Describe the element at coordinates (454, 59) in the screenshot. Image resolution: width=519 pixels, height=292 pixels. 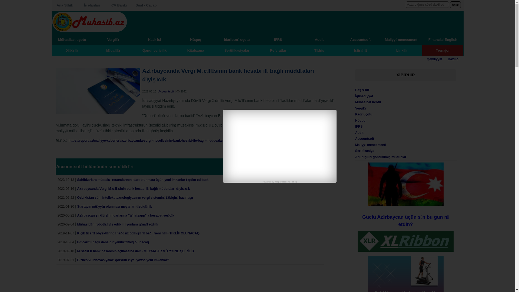
I see `'Daxil ol'` at that location.